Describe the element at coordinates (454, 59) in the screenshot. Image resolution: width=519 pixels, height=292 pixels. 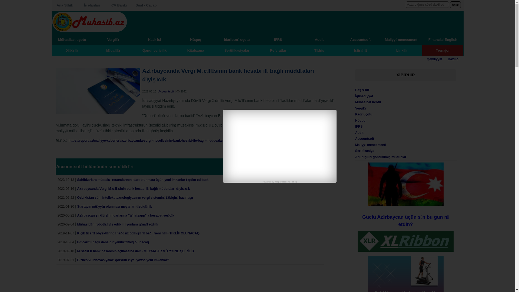
I see `'Daxil ol'` at that location.